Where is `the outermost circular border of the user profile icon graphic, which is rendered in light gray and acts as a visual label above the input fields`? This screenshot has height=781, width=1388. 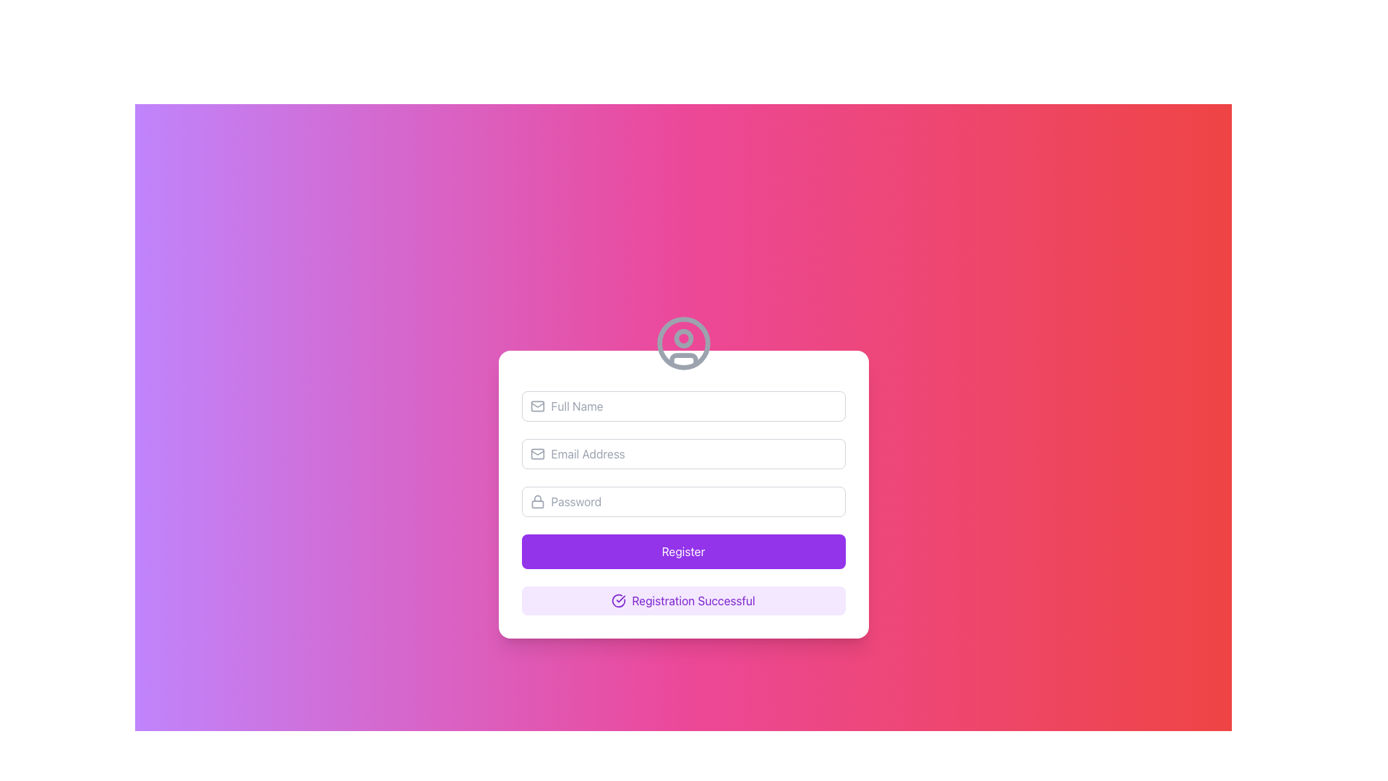 the outermost circular border of the user profile icon graphic, which is rendered in light gray and acts as a visual label above the input fields is located at coordinates (682, 343).